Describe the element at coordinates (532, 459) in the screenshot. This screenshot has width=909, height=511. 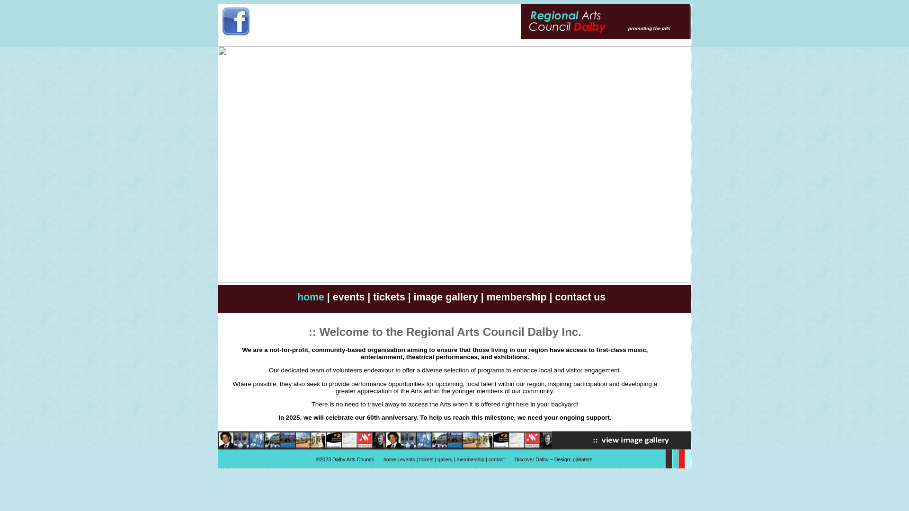
I see `'Discover Dalby'` at that location.